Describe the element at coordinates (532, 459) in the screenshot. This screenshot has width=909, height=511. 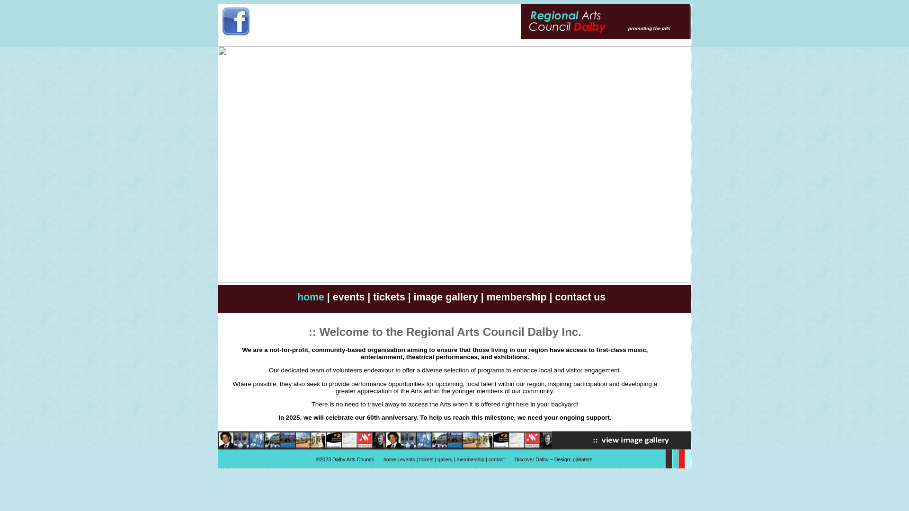
I see `'Discover Dalby'` at that location.